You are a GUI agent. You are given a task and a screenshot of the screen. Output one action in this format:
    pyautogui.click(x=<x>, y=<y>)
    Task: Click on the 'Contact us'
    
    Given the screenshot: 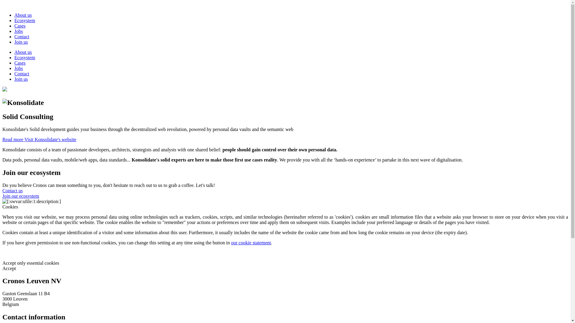 What is the action you would take?
    pyautogui.click(x=13, y=191)
    